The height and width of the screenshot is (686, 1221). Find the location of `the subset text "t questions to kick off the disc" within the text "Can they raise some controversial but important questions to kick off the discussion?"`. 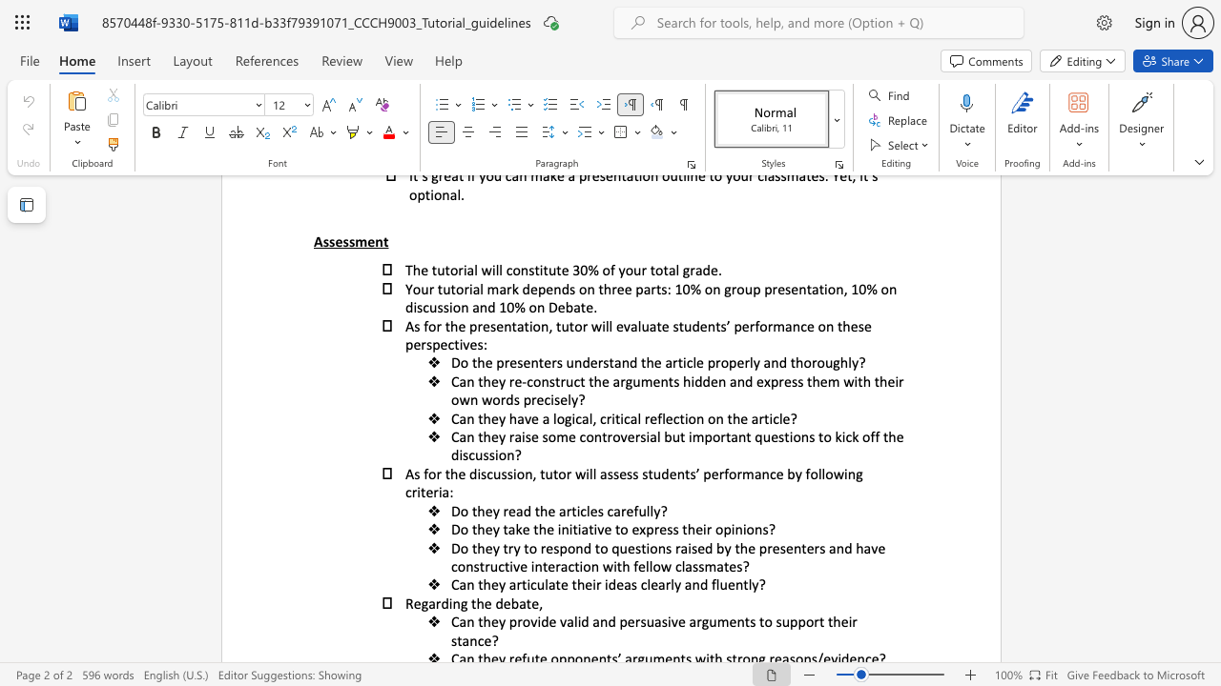

the subset text "t questions to kick off the disc" within the text "Can they raise some controversial but important questions to kick off the discussion?" is located at coordinates (745, 436).